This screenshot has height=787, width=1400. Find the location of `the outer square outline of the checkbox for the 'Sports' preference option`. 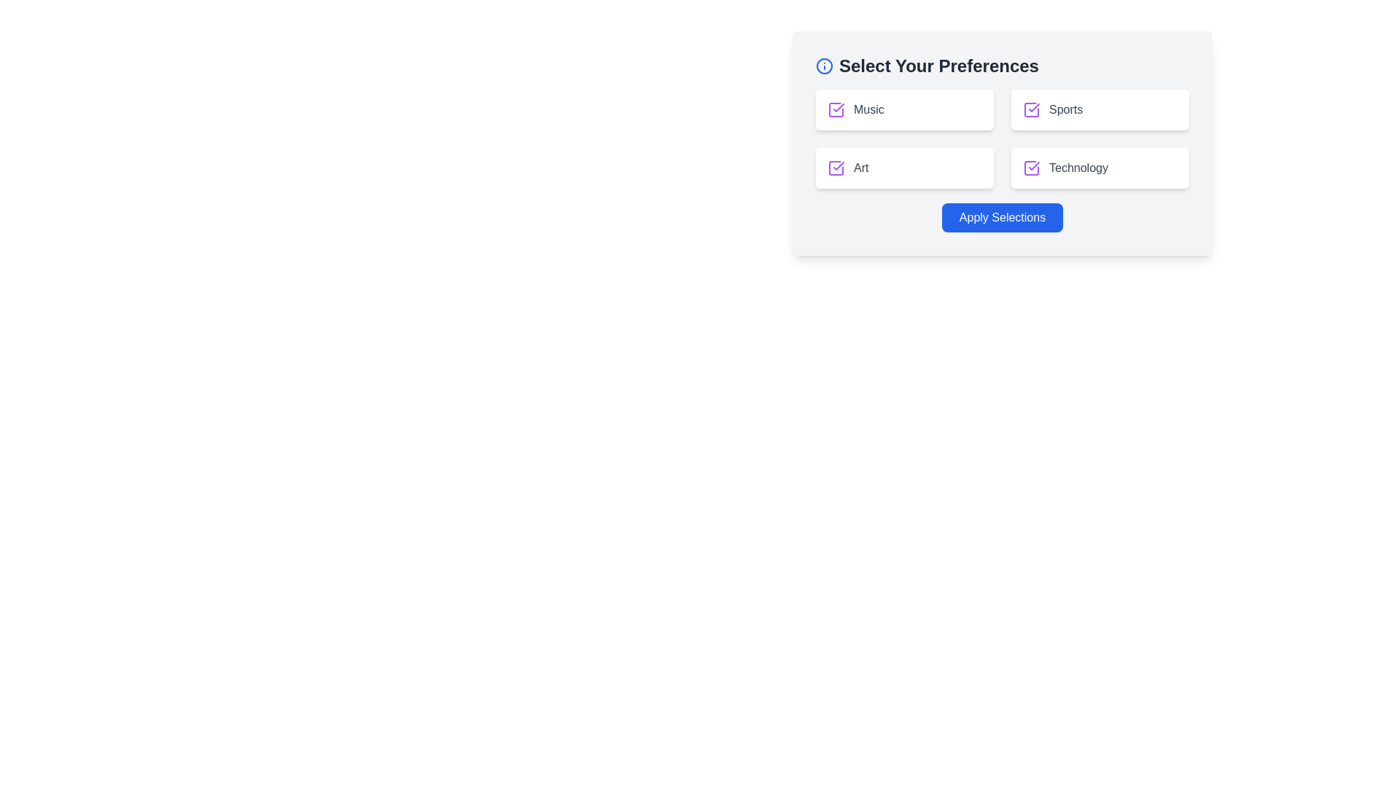

the outer square outline of the checkbox for the 'Sports' preference option is located at coordinates (1031, 109).